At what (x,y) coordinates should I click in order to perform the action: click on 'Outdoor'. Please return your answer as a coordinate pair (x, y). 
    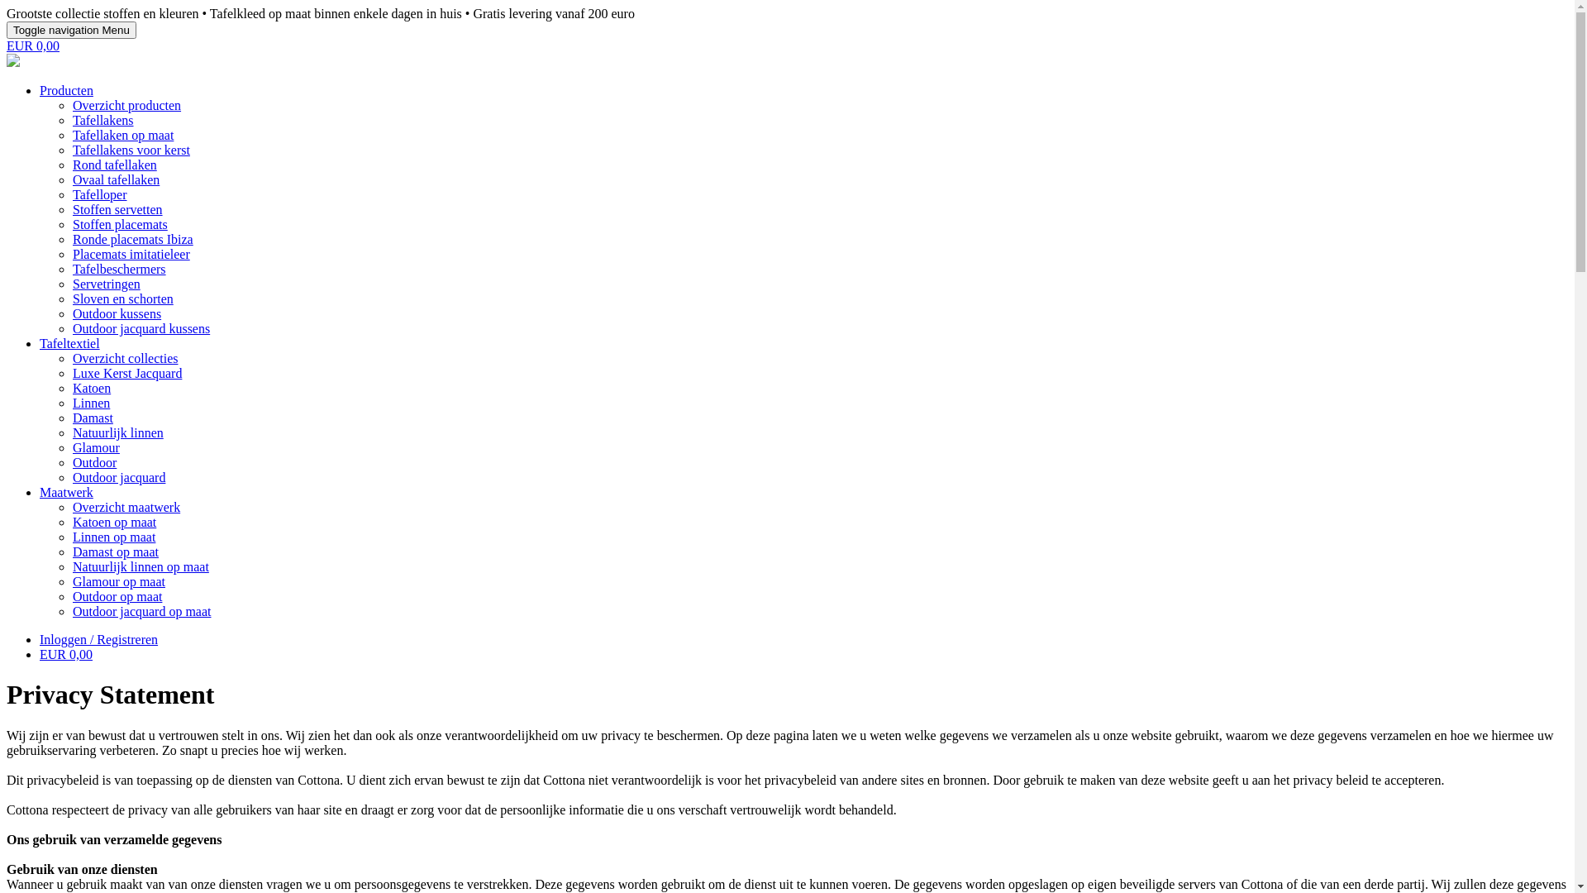
    Looking at the image, I should click on (93, 462).